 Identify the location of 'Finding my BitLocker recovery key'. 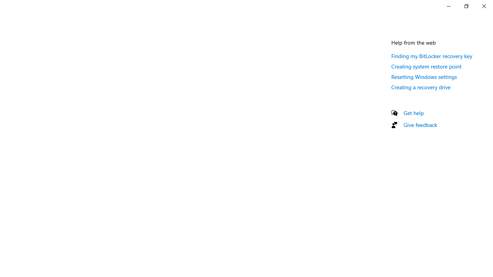
(432, 55).